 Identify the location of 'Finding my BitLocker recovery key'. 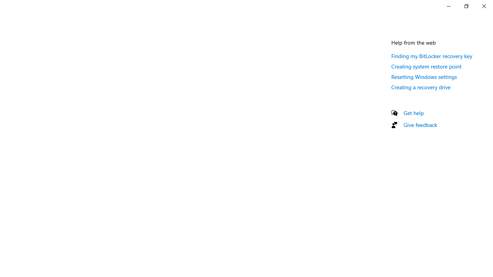
(432, 55).